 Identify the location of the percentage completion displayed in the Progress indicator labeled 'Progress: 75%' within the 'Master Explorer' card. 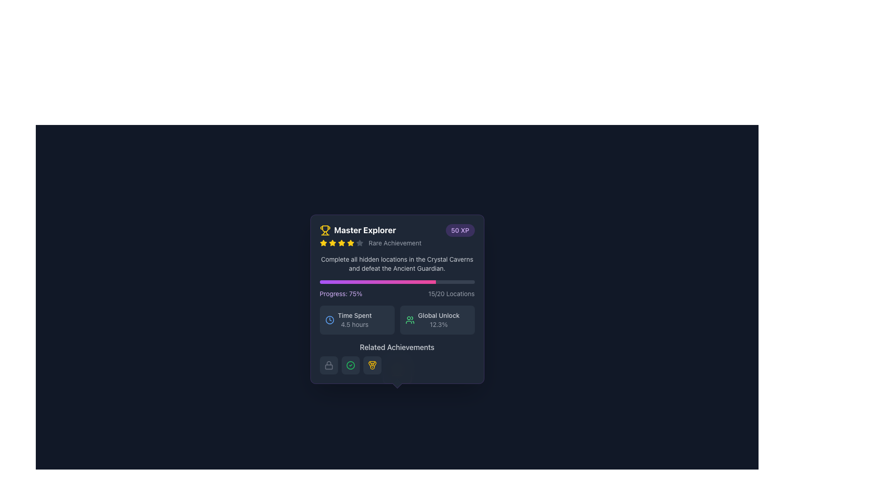
(397, 289).